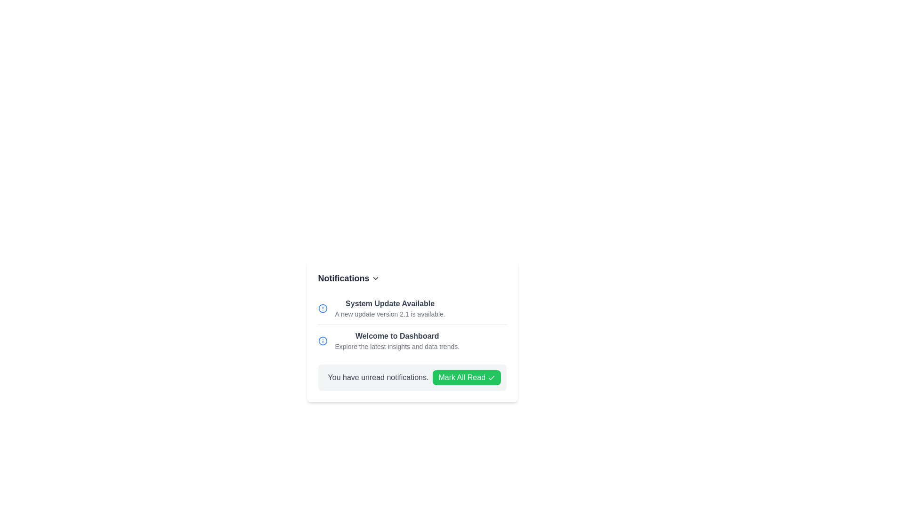  I want to click on the Informative block alerting about unread notifications located at the bottom section of the notification panel, so click(412, 377).